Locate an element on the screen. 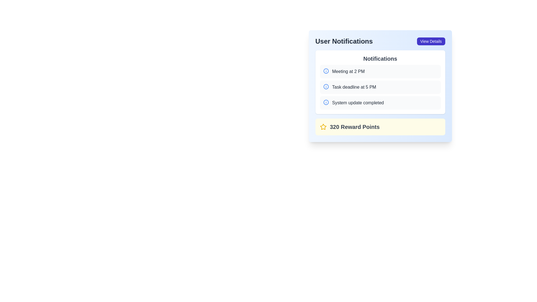  the information indicator icon located to the left of the text 'System update completed' in the notifications section is located at coordinates (326, 102).